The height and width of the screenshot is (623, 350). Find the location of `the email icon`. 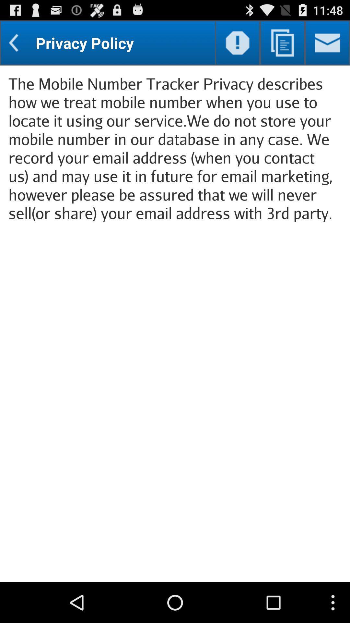

the email icon is located at coordinates (327, 45).